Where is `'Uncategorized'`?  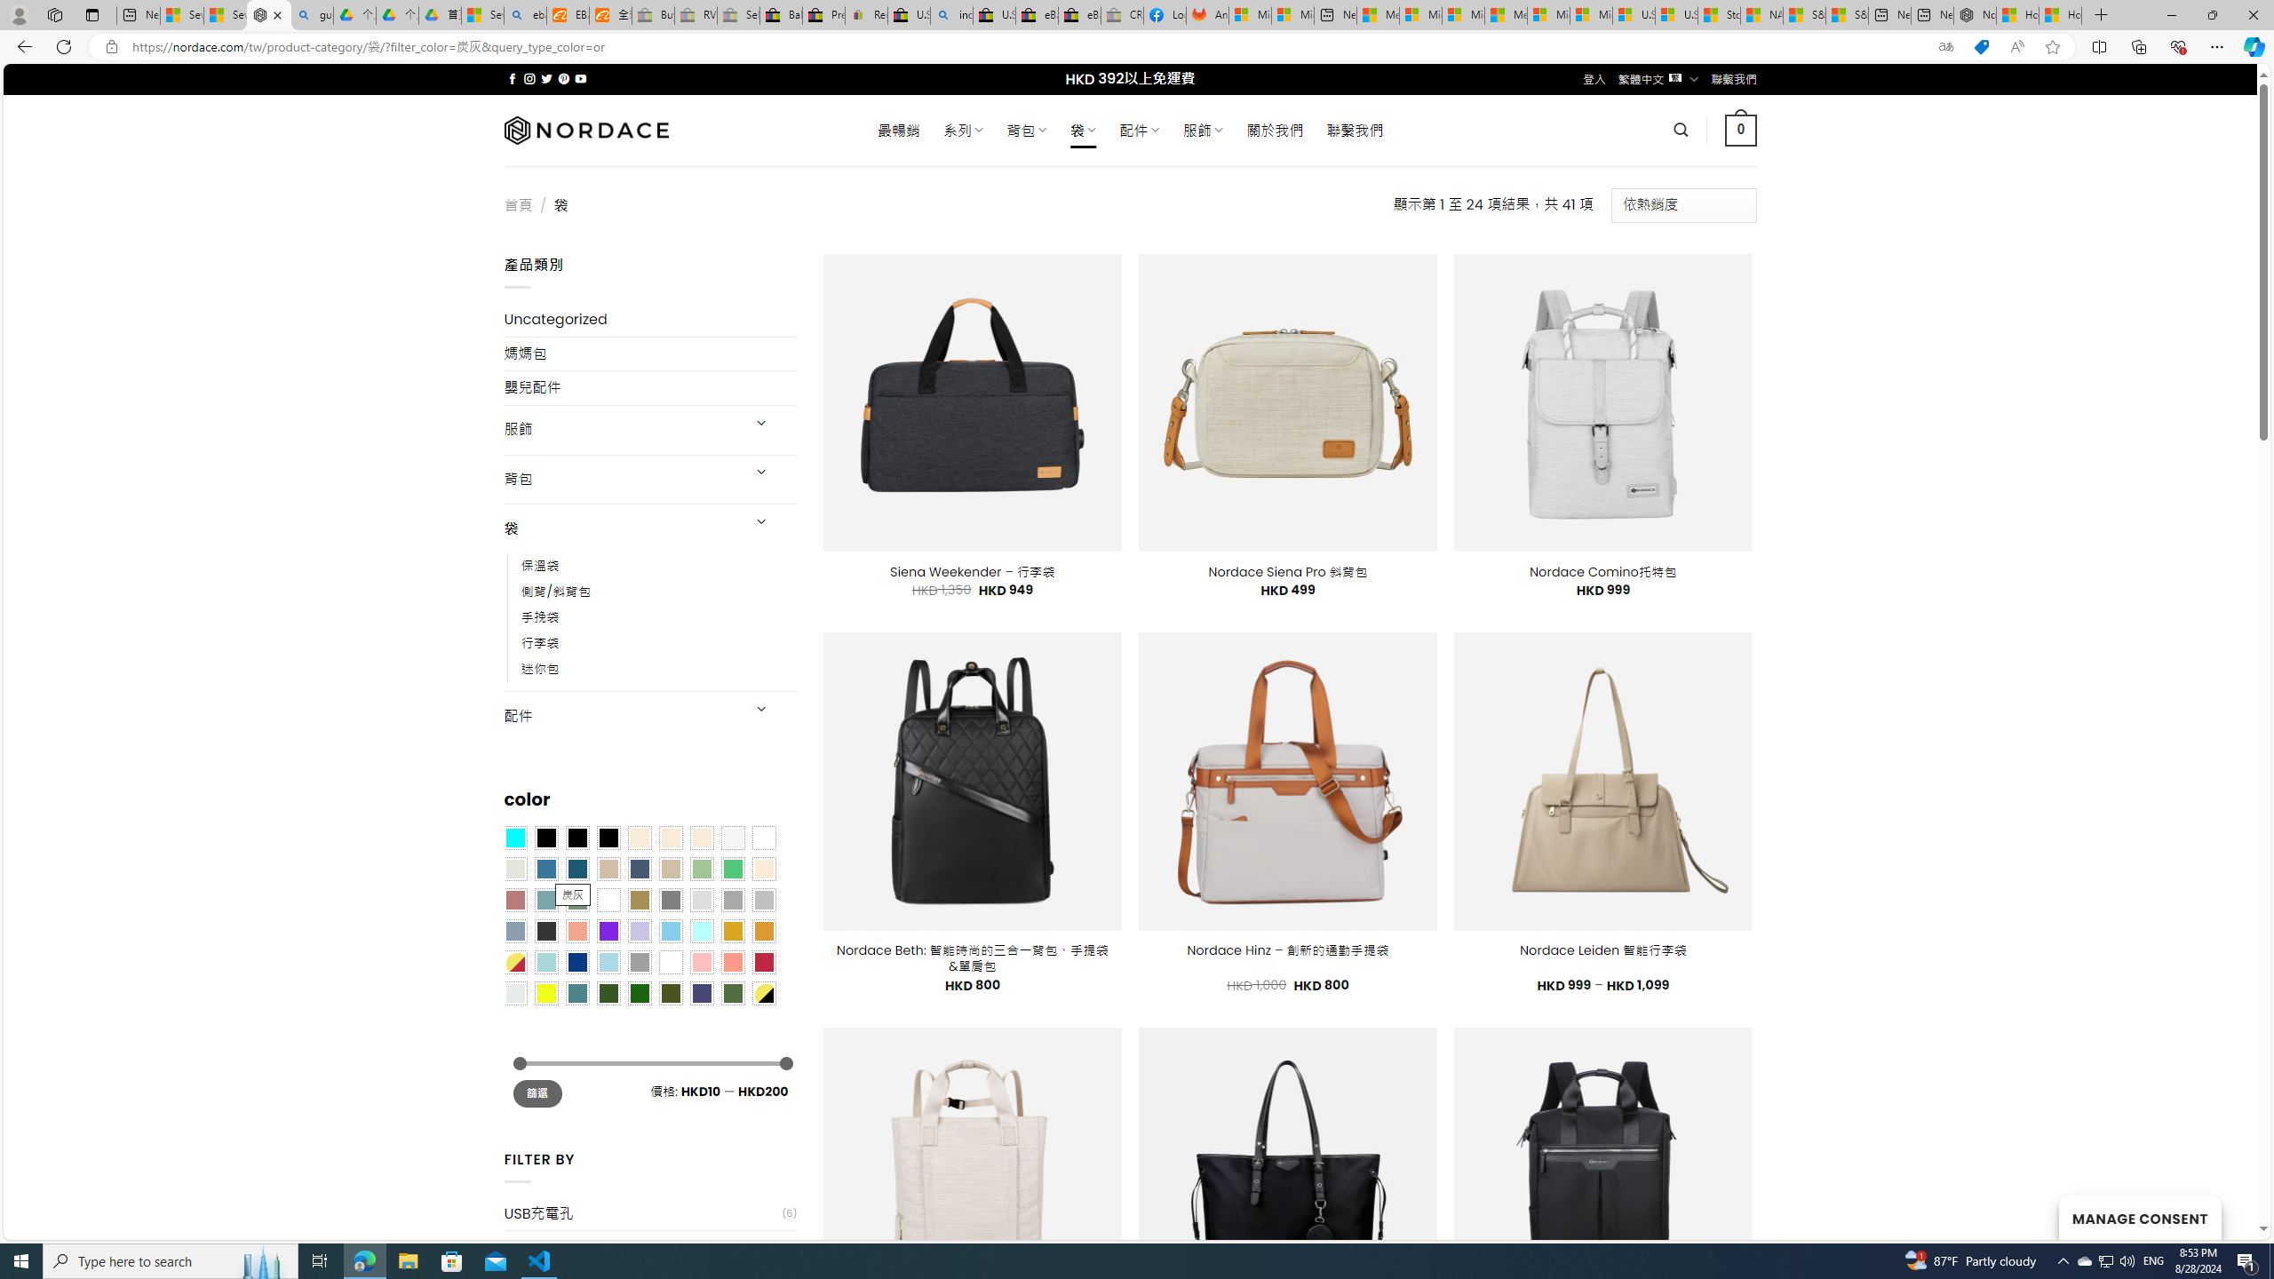
'Uncategorized' is located at coordinates (649, 320).